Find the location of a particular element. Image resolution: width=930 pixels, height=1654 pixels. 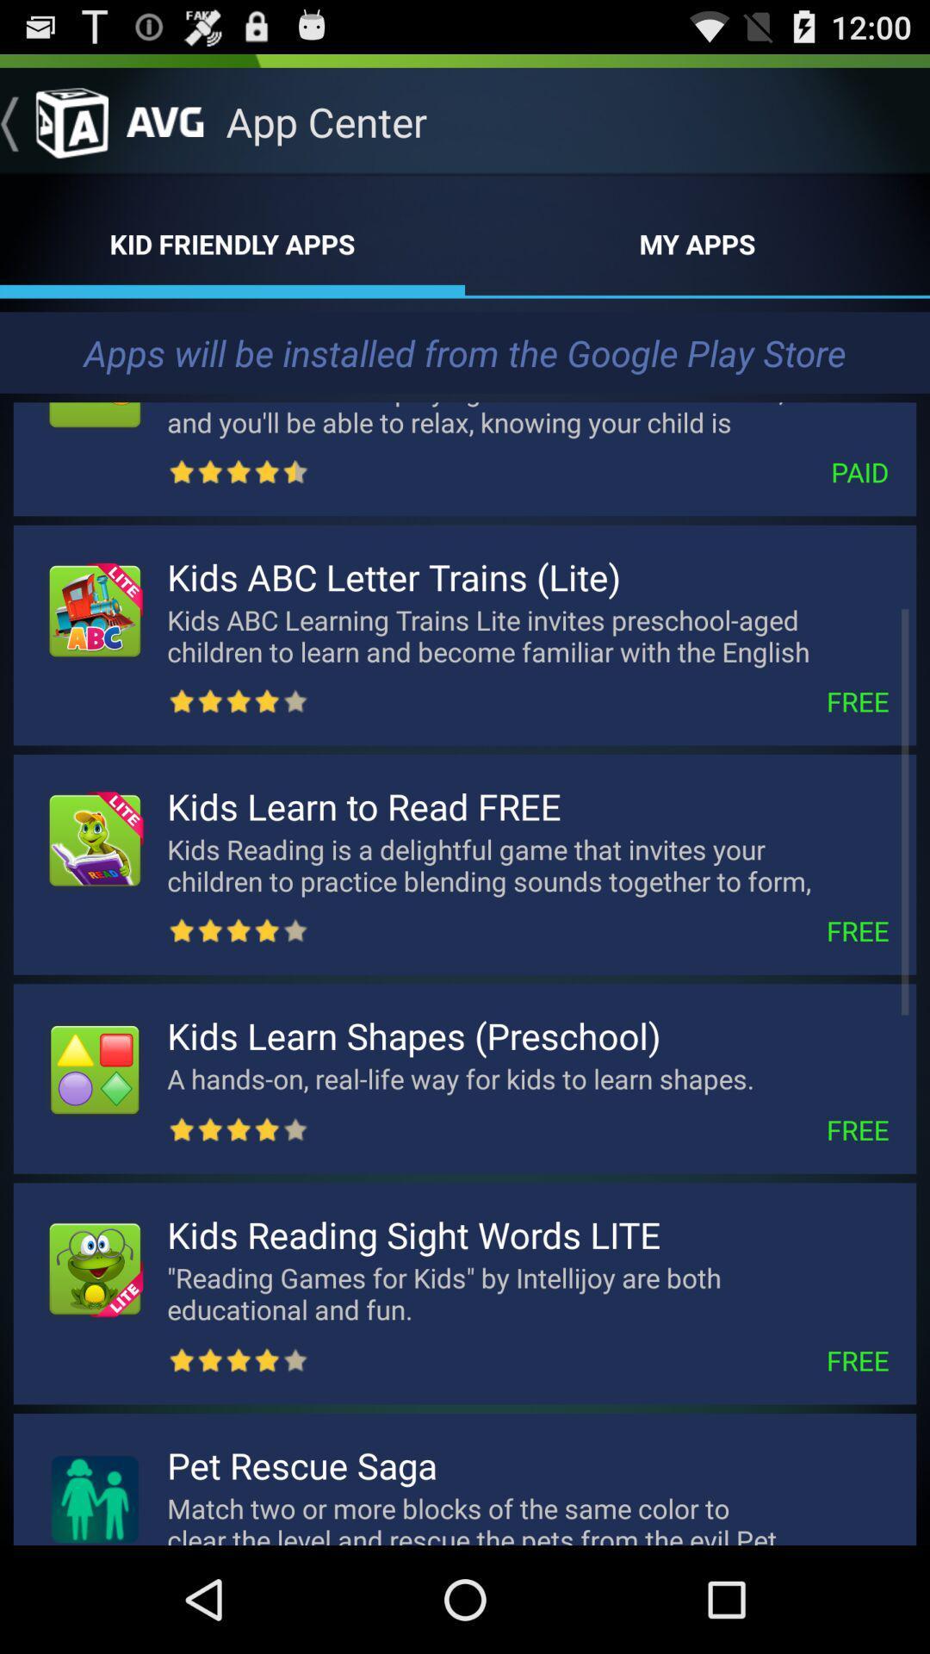

your child will item is located at coordinates (527, 416).